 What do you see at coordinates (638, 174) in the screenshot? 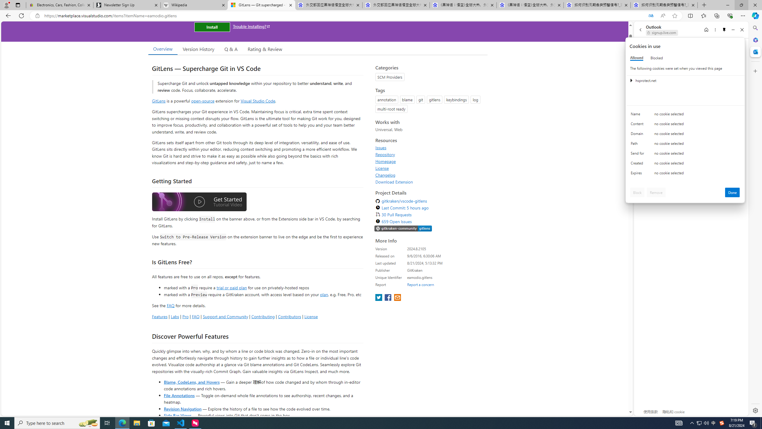
I see `'Expires'` at bounding box center [638, 174].